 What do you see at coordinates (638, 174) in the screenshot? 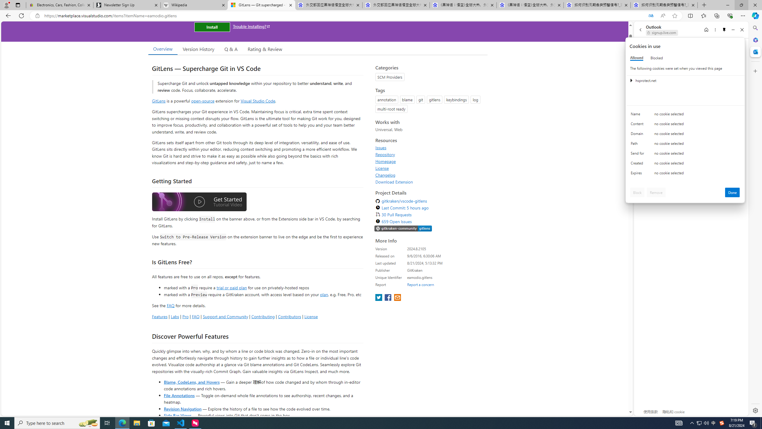
I see `'Expires'` at bounding box center [638, 174].